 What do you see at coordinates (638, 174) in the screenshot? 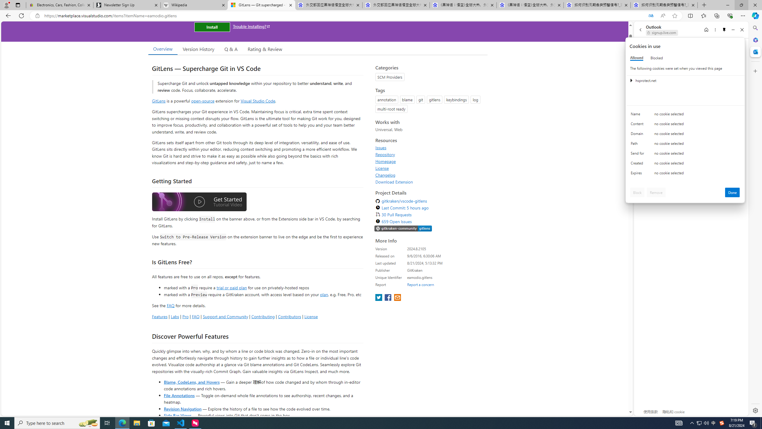
I see `'Expires'` at bounding box center [638, 174].